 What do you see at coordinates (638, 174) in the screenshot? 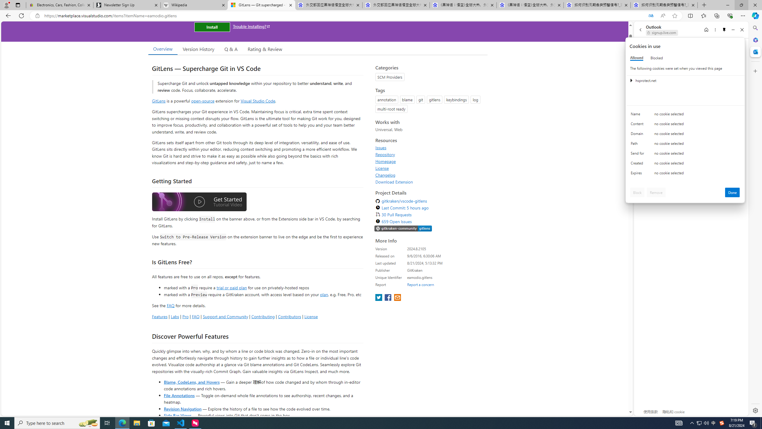
I see `'Expires'` at bounding box center [638, 174].